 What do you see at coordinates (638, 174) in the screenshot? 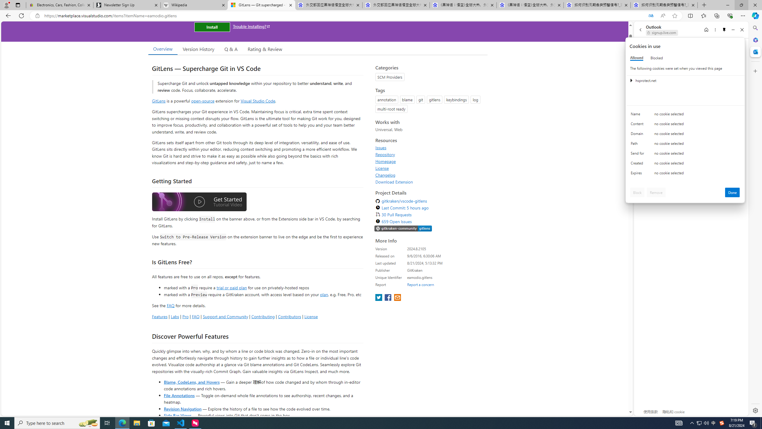
I see `'Expires'` at bounding box center [638, 174].